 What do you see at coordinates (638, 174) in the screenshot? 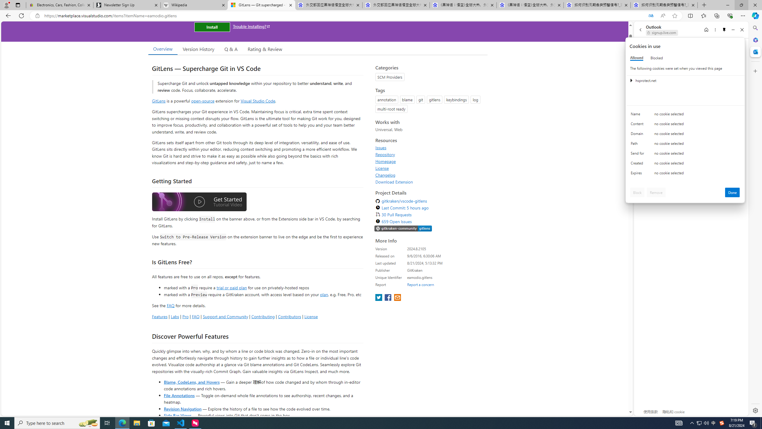
I see `'Expires'` at bounding box center [638, 174].